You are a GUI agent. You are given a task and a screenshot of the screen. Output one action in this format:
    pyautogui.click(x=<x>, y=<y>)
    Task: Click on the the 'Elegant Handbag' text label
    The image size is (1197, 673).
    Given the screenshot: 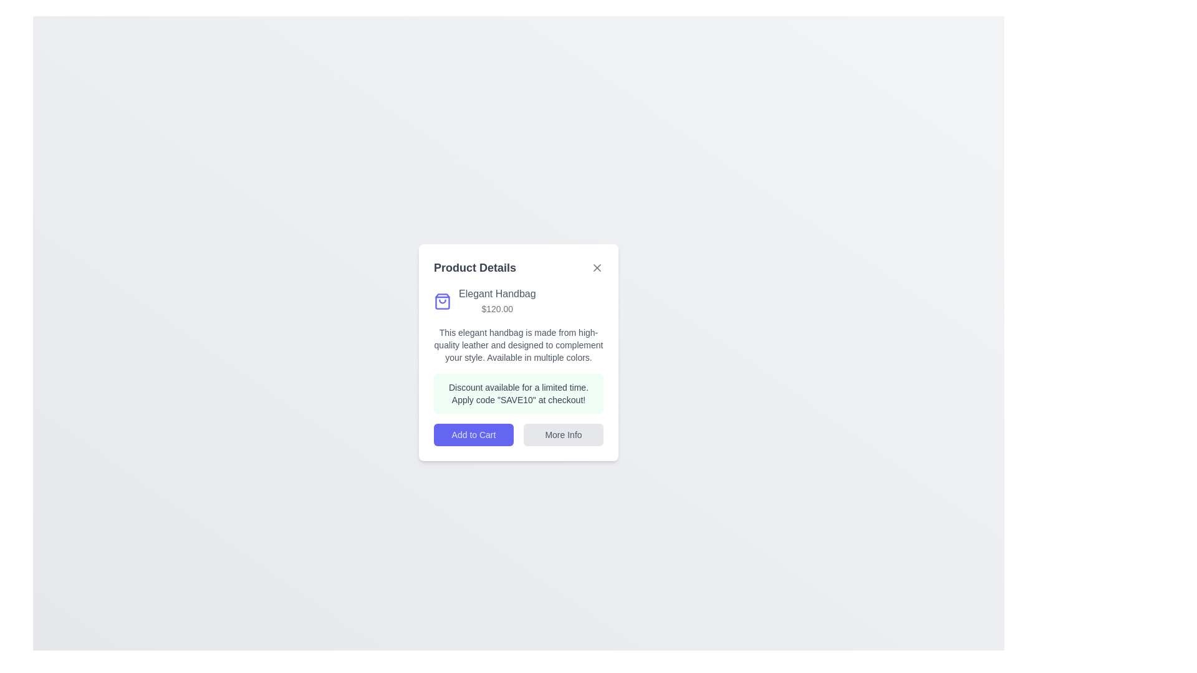 What is the action you would take?
    pyautogui.click(x=496, y=301)
    